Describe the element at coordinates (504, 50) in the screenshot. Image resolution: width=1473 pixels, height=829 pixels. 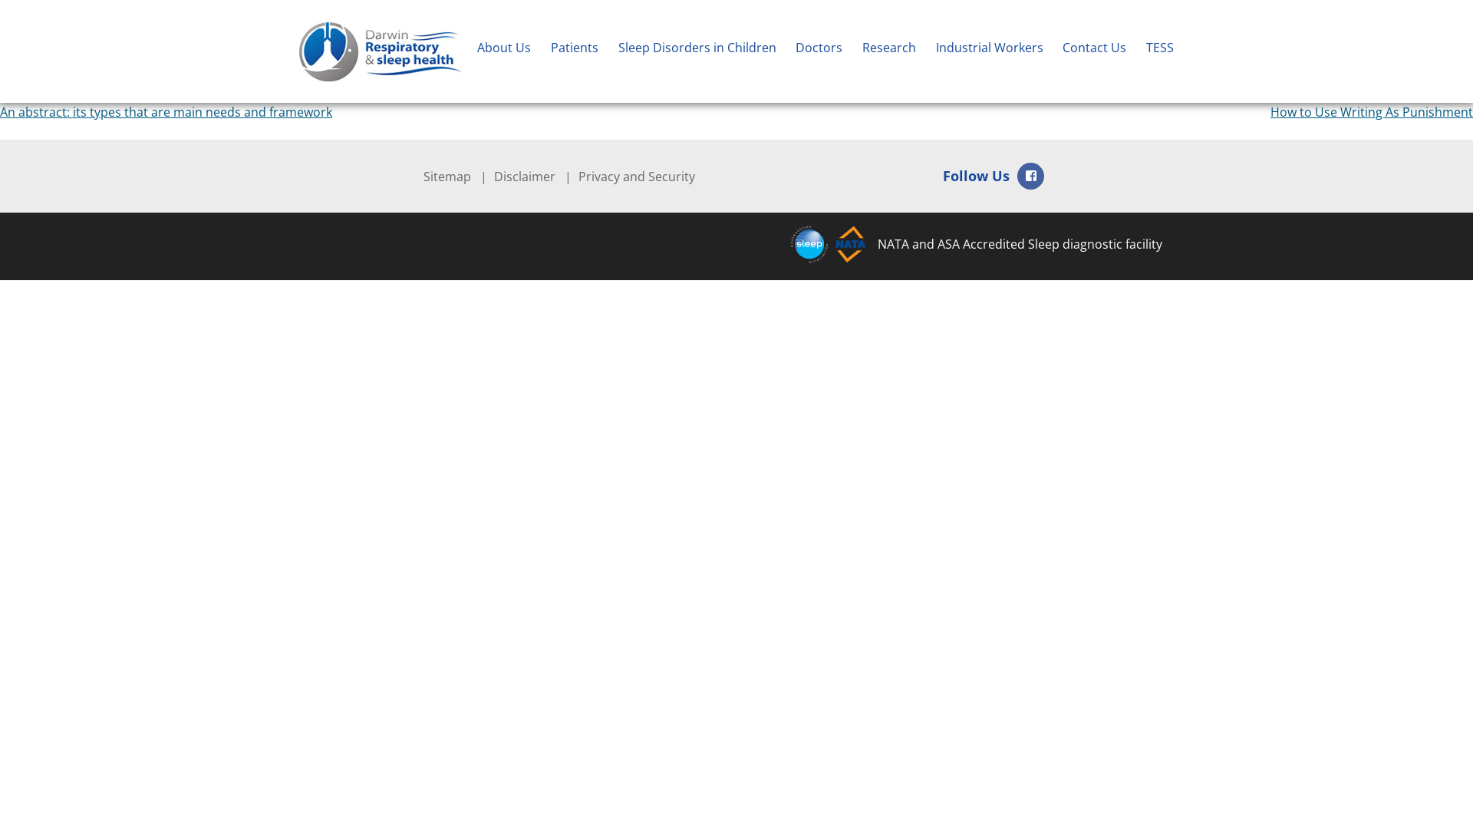
I see `'About Us'` at that location.